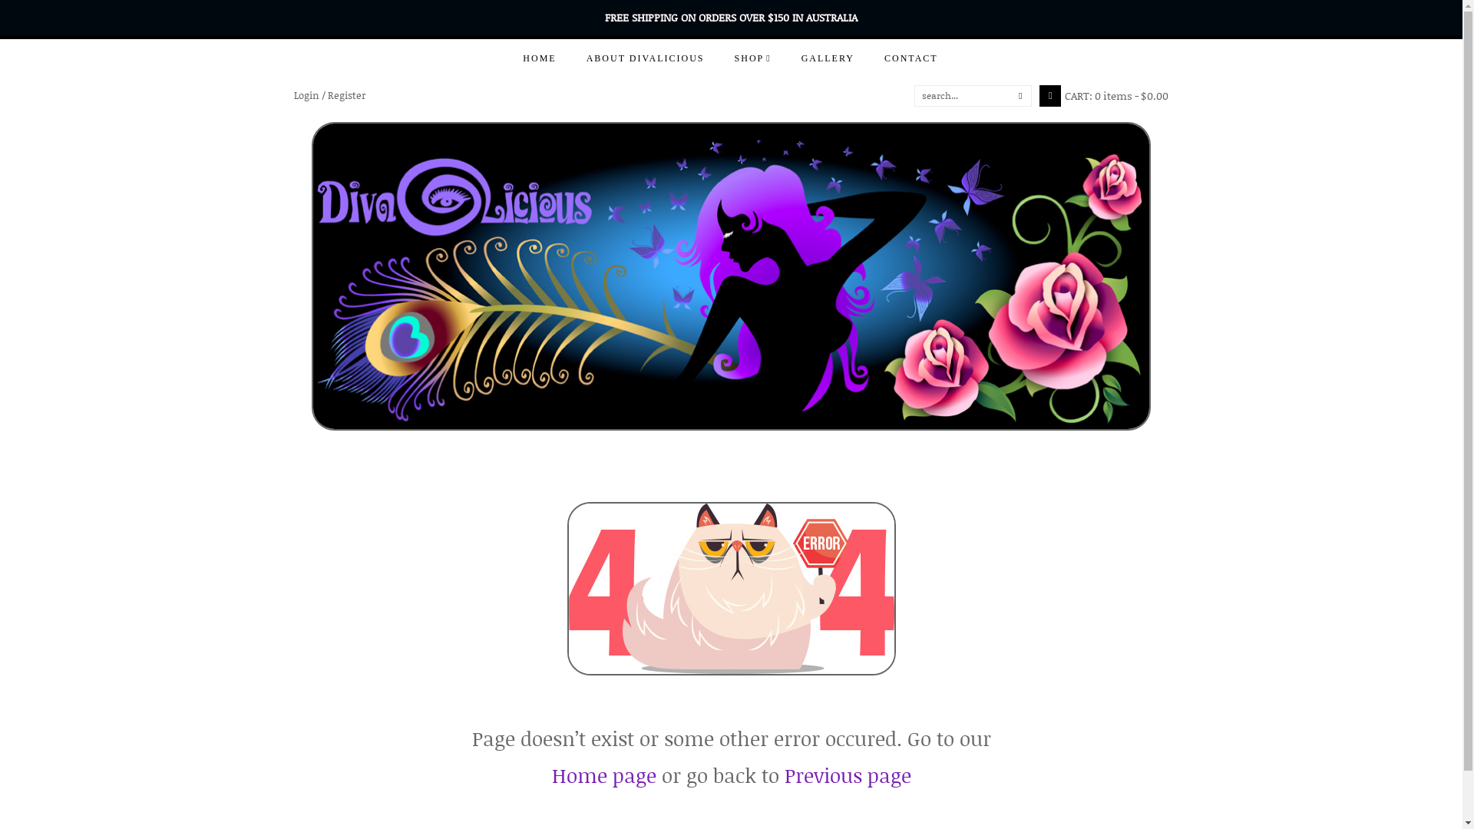  Describe the element at coordinates (718, 58) in the screenshot. I see `'SHOP'` at that location.